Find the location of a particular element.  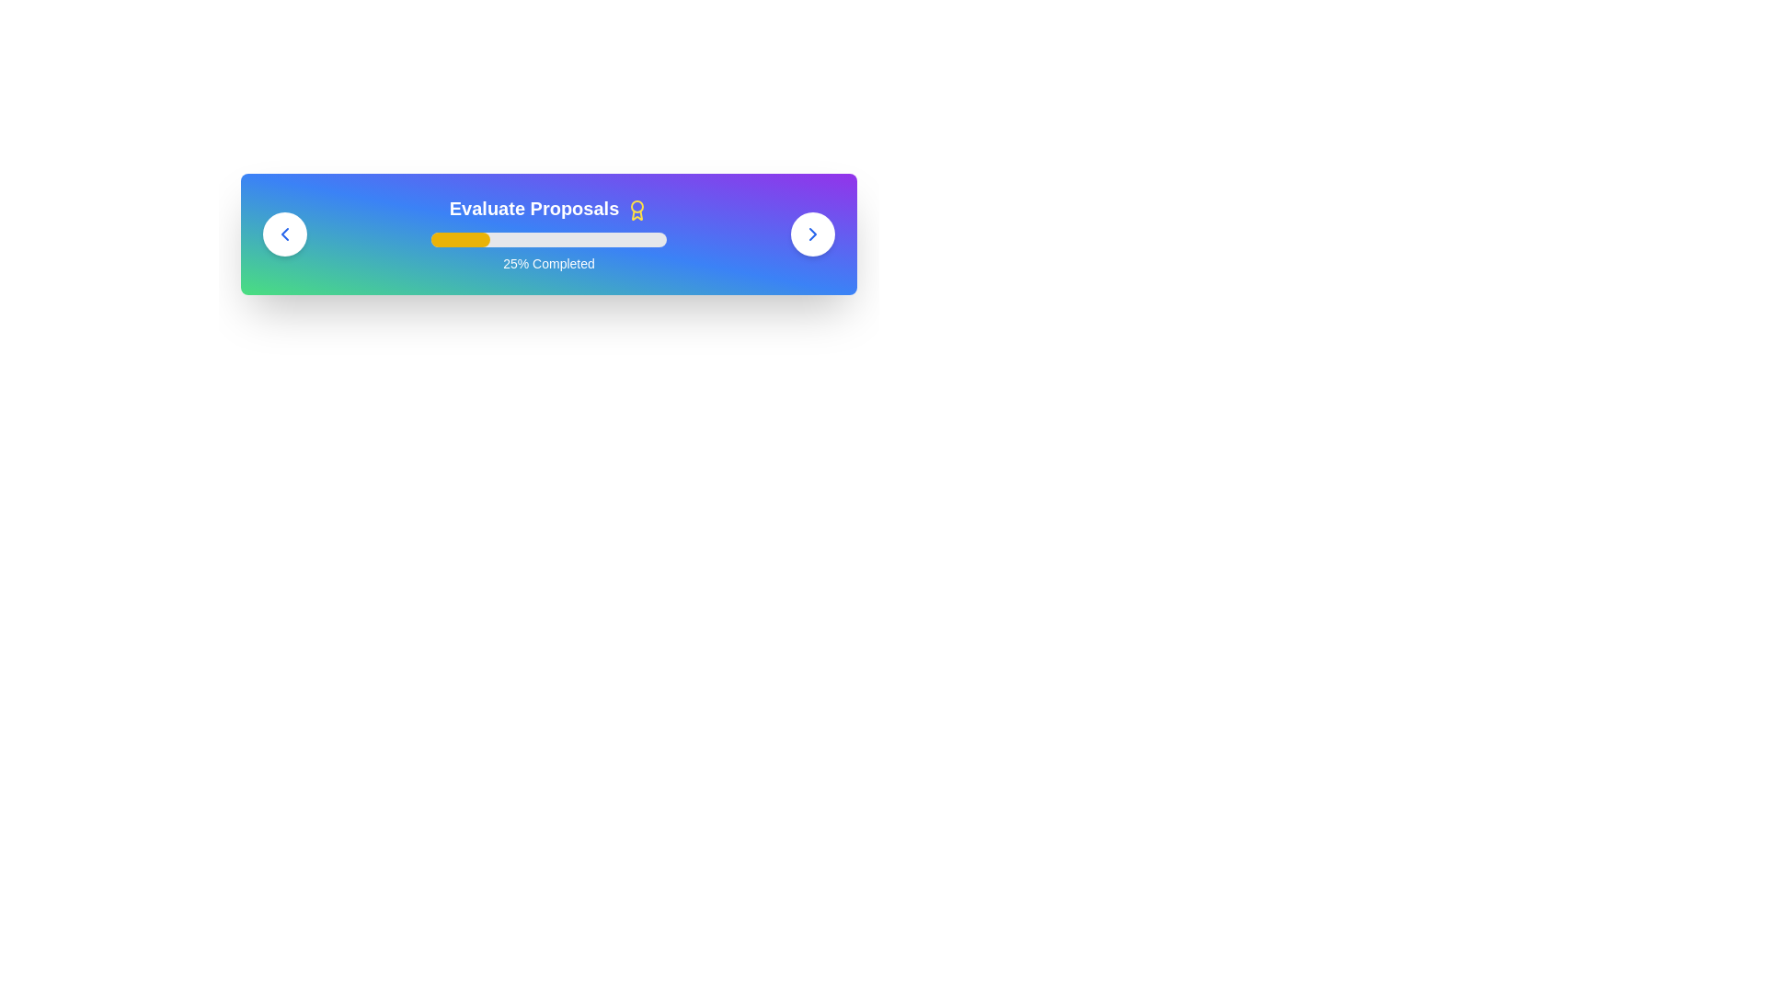

the left-pointing arrowhead-shaped SVG icon within the graphical circle is located at coordinates (284, 233).